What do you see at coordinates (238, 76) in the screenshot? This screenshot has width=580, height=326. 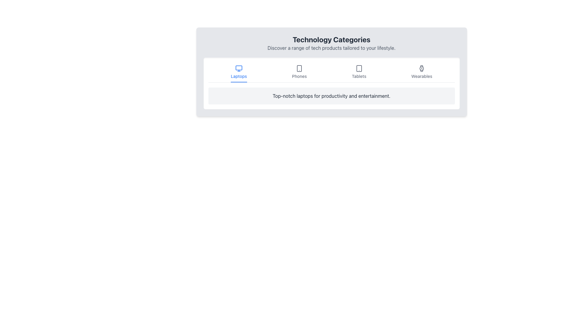 I see `text label that identifies the laptops category, located directly under the monitor icon in a horizontal list of categories` at bounding box center [238, 76].